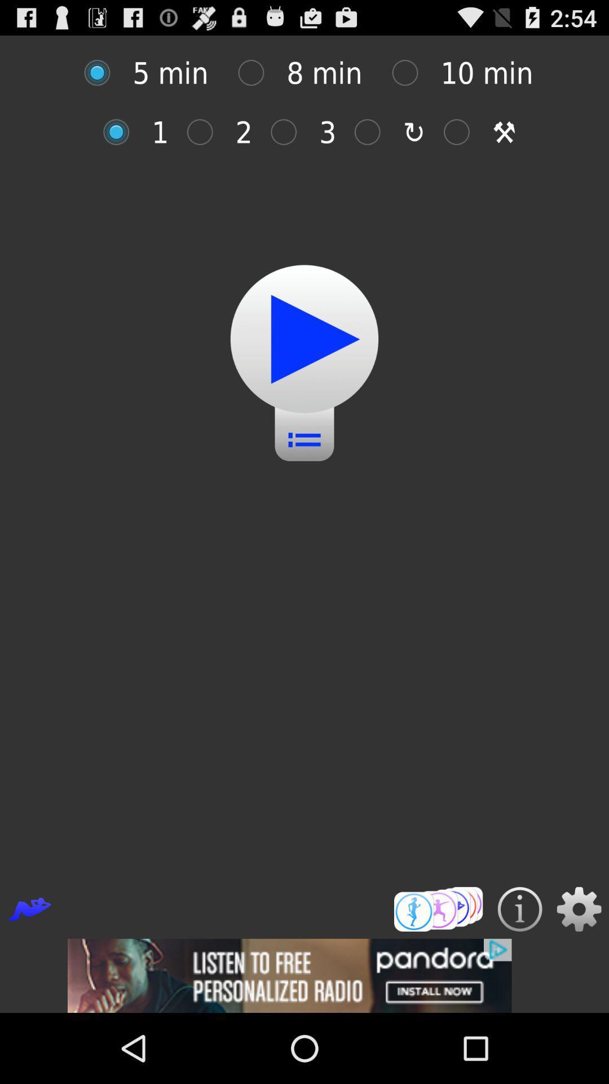 This screenshot has height=1084, width=609. I want to click on option, so click(103, 72).